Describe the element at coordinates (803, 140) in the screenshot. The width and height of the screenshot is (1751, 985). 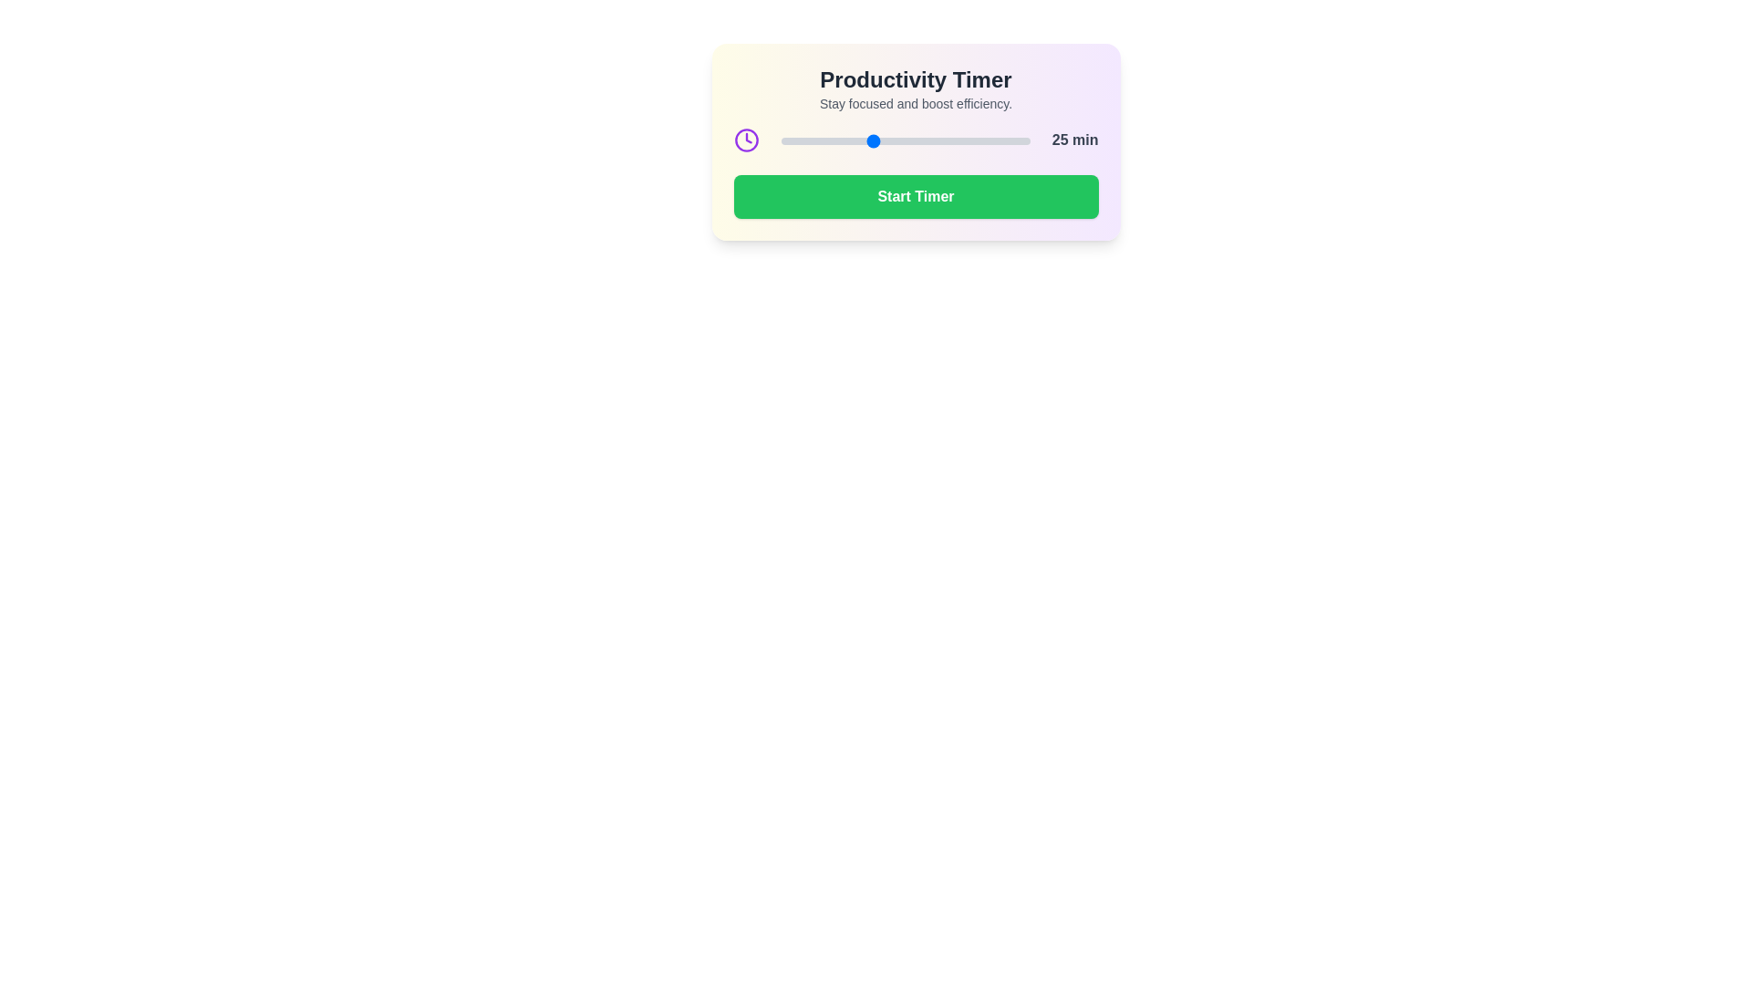
I see `the timer slider to 10 minutes` at that location.